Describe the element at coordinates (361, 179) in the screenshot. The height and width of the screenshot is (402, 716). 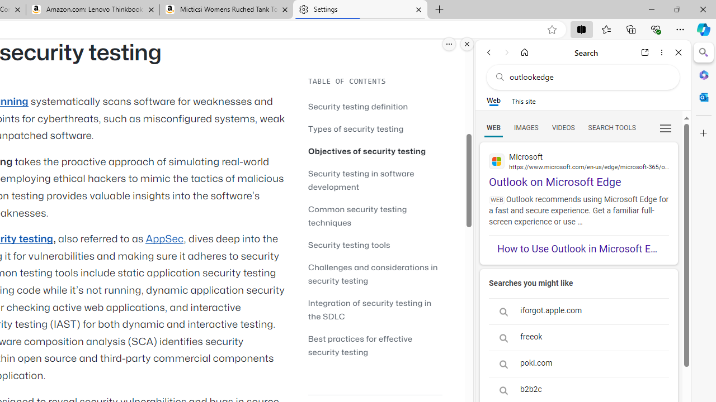
I see `'Security testing in software development'` at that location.